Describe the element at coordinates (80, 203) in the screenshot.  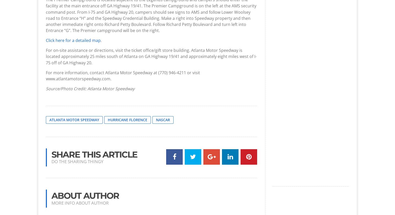
I see `'More info about author'` at that location.